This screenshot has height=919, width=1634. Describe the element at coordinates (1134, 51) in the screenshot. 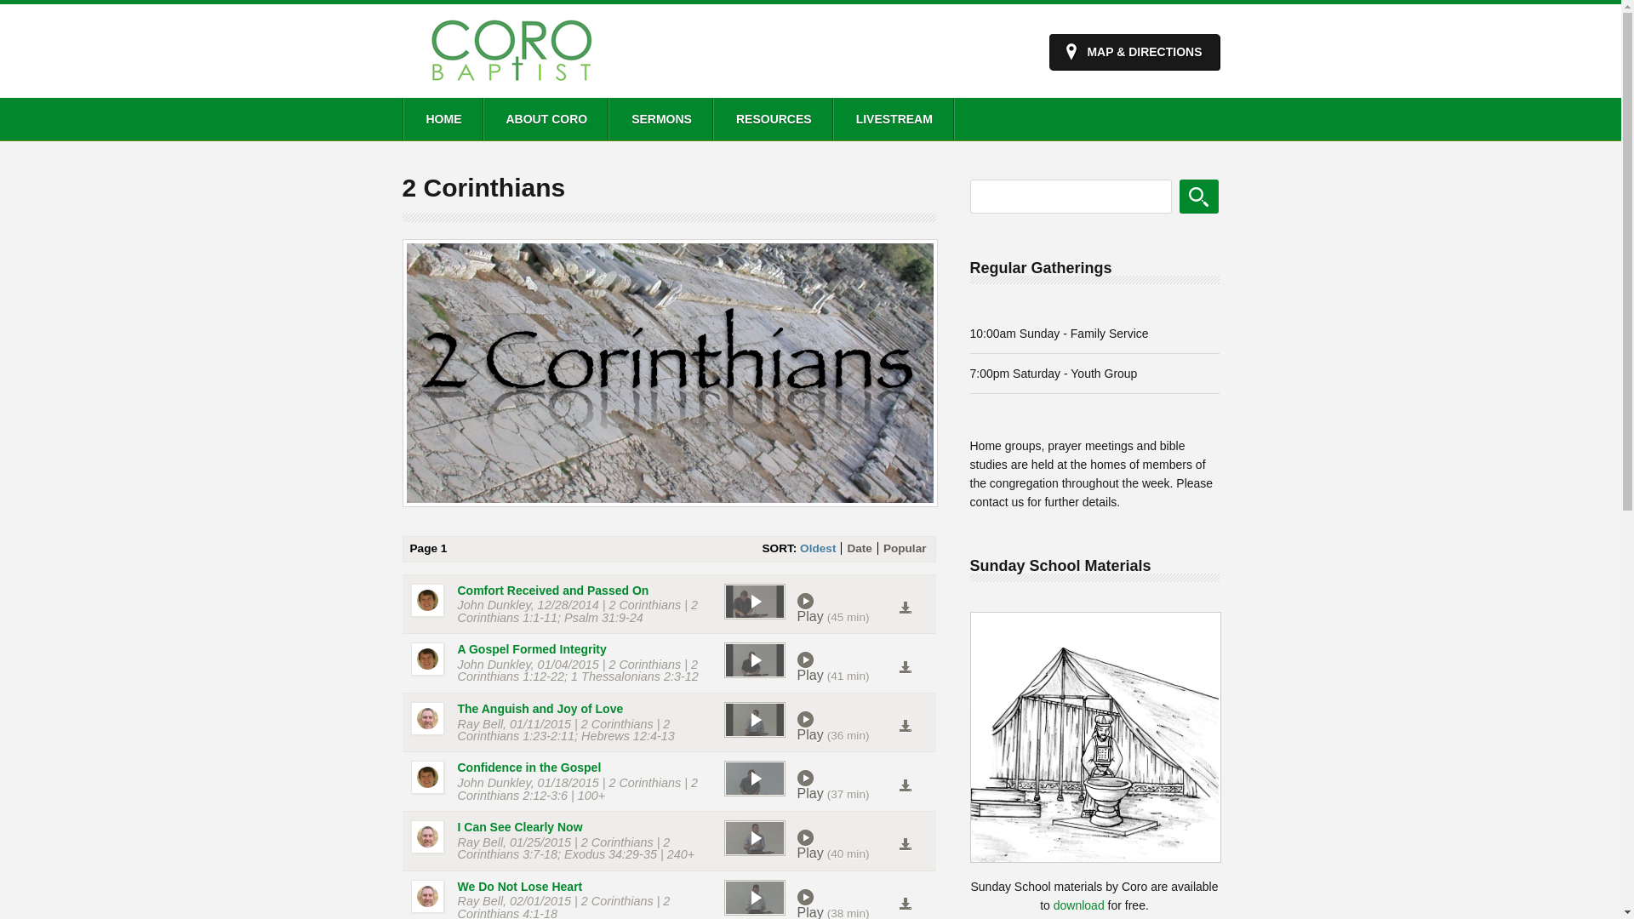

I see `'MAP & DIRECTIONS'` at that location.